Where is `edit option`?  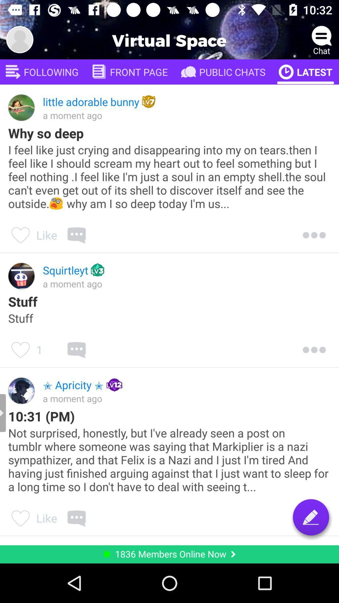 edit option is located at coordinates (311, 517).